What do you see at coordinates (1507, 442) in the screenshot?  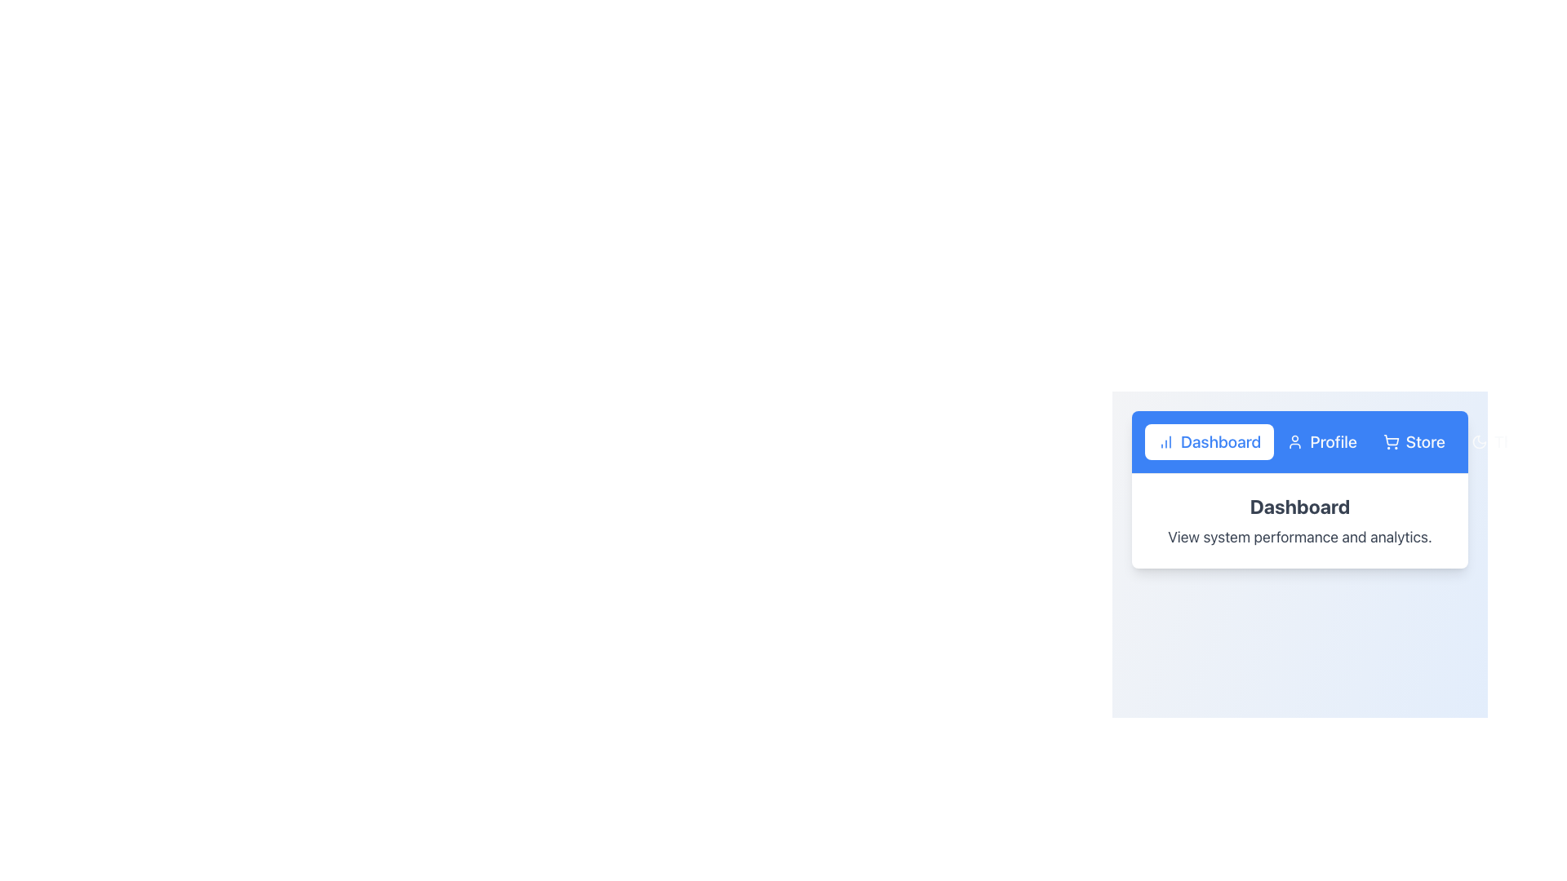 I see `the theme toggle button located at the far right of the navigation bar, adjacent to the 'Store' option, to change its style` at bounding box center [1507, 442].